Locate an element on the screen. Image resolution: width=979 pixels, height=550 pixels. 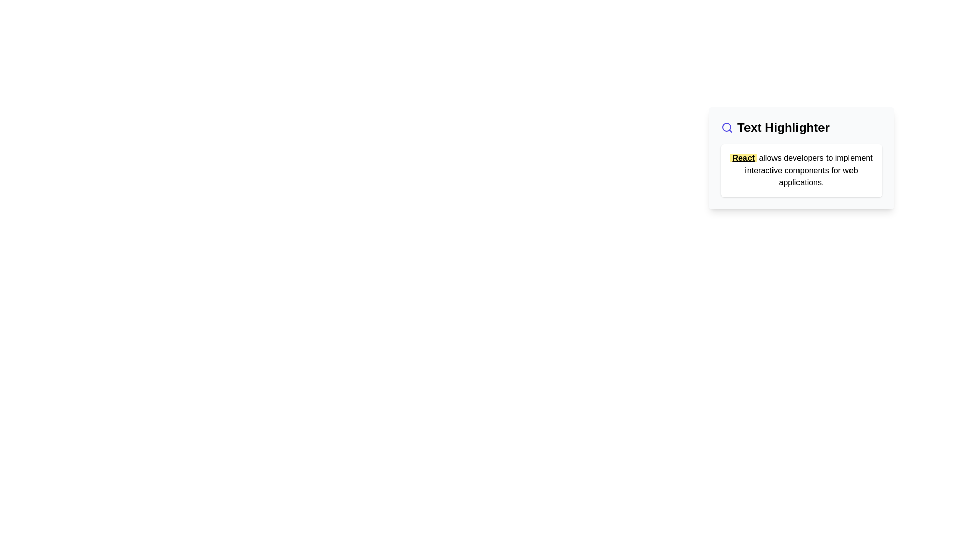
emphasized text 'React' located in the upper left-hand corner of the text block that reads 'React allows developers to implement interactive components for web applications.' is located at coordinates (743, 158).